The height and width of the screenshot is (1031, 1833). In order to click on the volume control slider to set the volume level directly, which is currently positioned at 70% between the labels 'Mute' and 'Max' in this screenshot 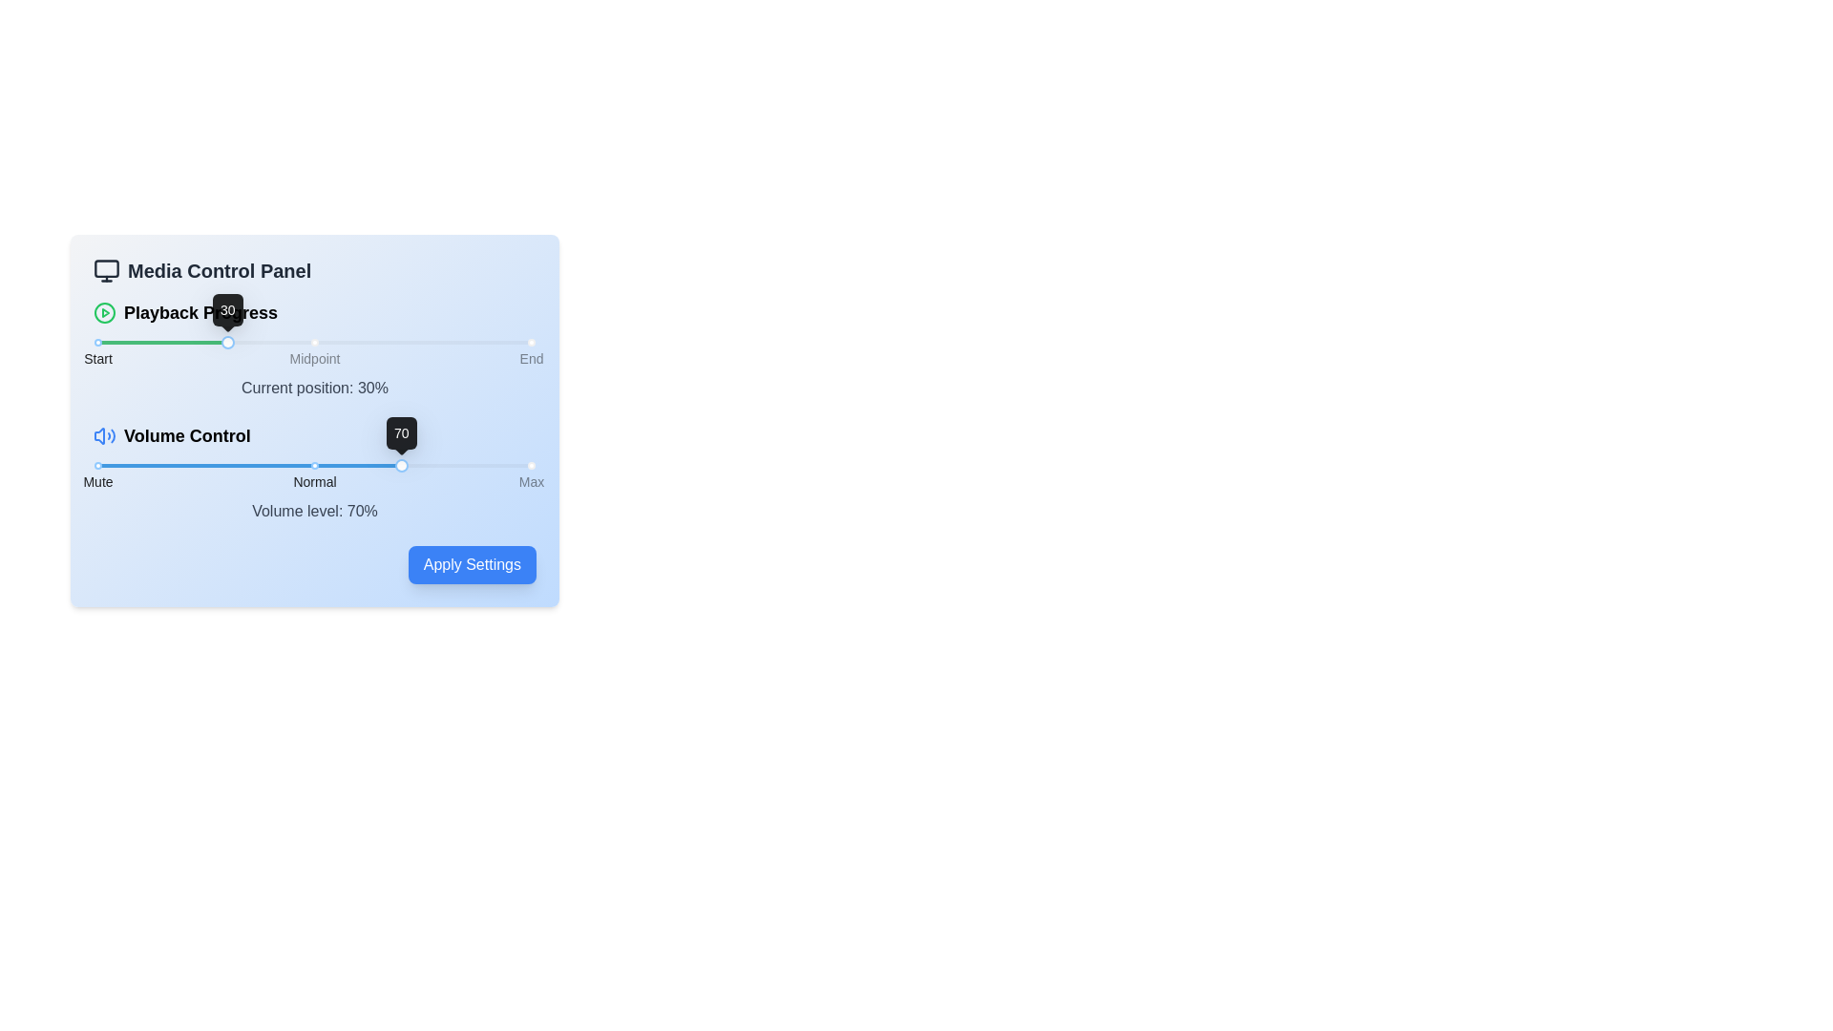, I will do `click(315, 472)`.